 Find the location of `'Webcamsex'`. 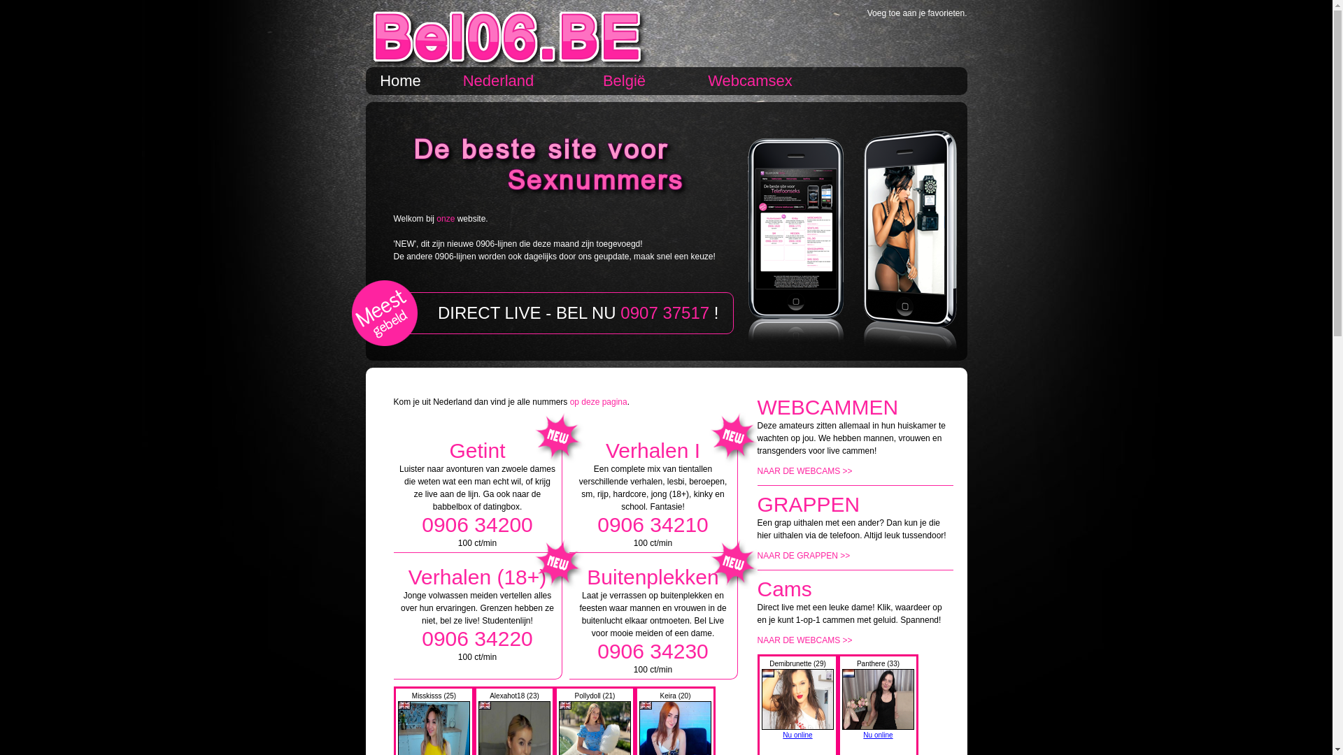

'Webcamsex' is located at coordinates (687, 80).